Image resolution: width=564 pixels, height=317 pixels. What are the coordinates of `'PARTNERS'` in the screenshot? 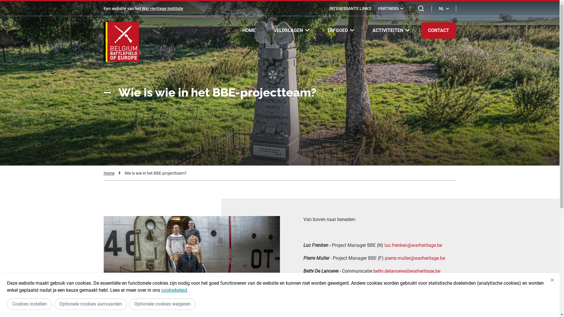 It's located at (390, 9).